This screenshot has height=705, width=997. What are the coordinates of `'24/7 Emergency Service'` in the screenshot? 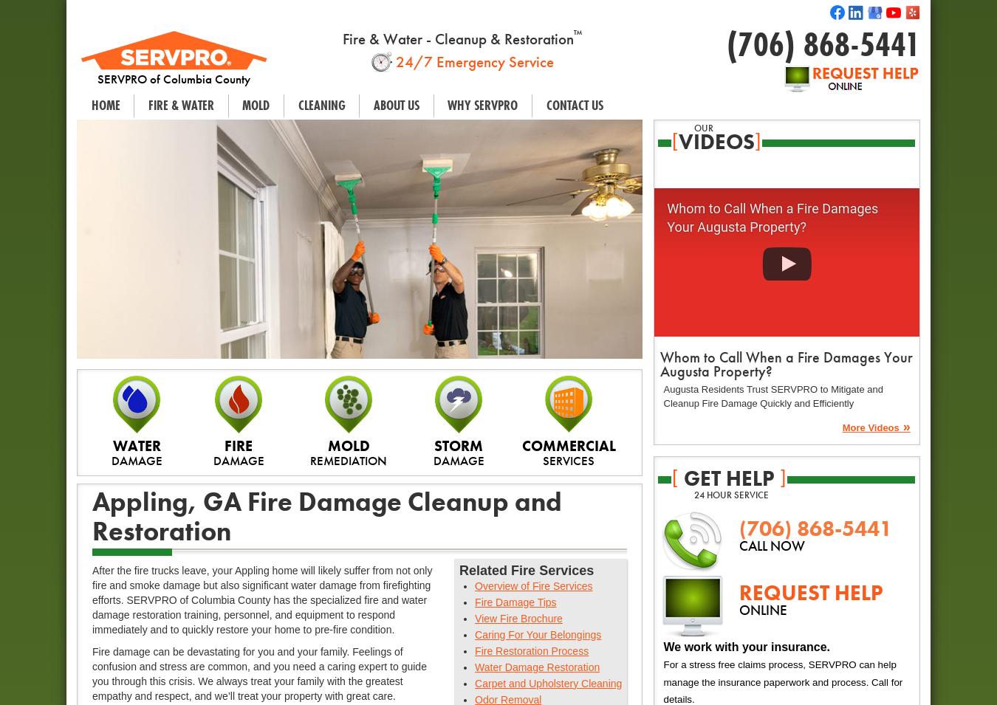 It's located at (472, 60).